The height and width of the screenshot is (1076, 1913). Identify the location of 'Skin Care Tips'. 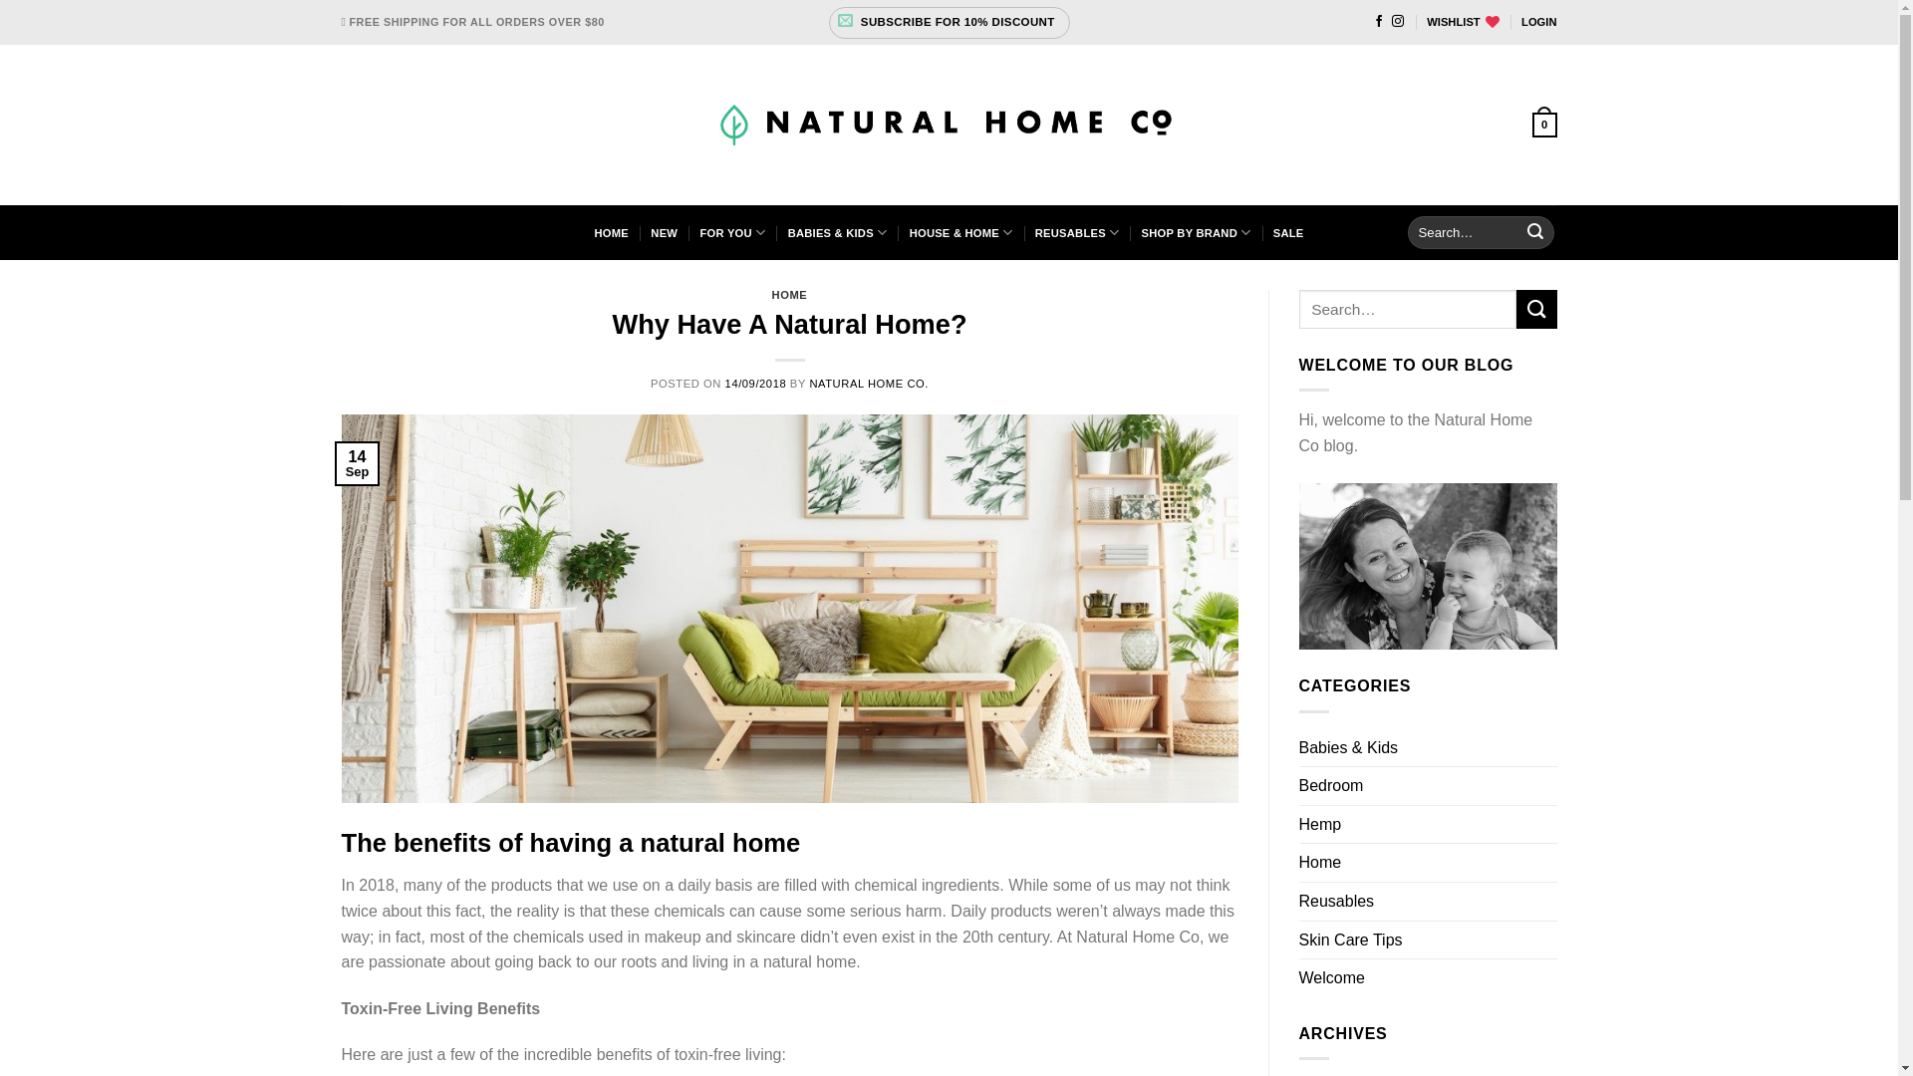
(1351, 941).